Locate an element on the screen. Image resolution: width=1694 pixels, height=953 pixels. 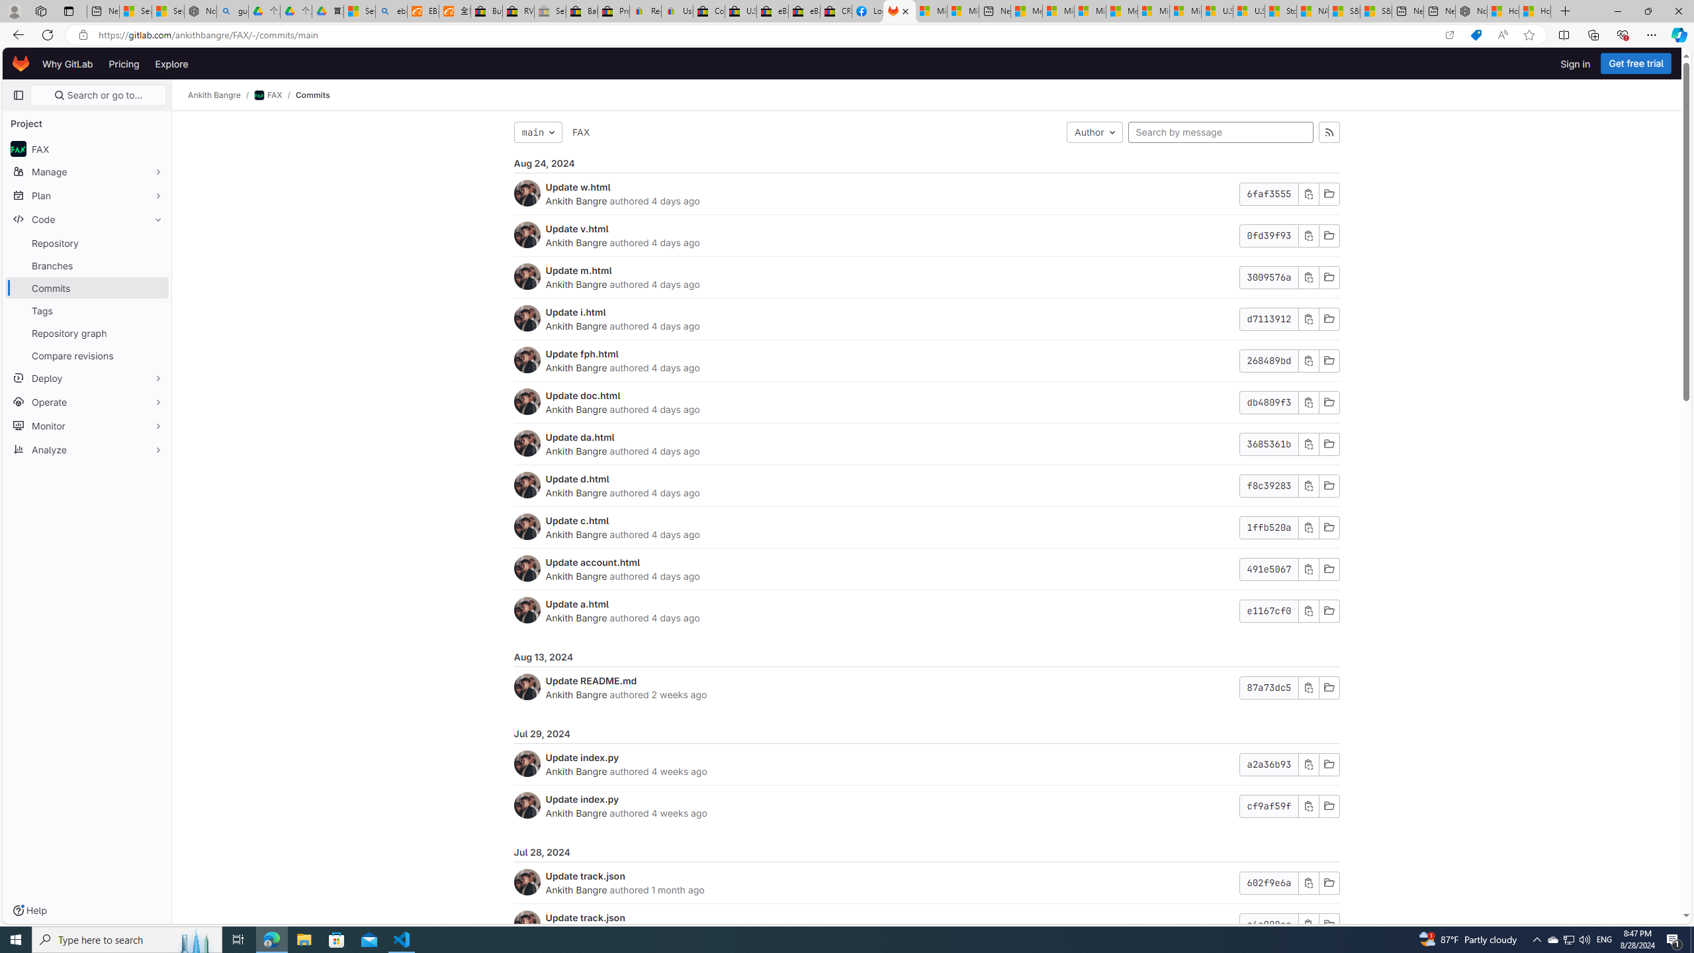
'U.S. State Privacy Disclosures - eBay Inc.' is located at coordinates (741, 11).